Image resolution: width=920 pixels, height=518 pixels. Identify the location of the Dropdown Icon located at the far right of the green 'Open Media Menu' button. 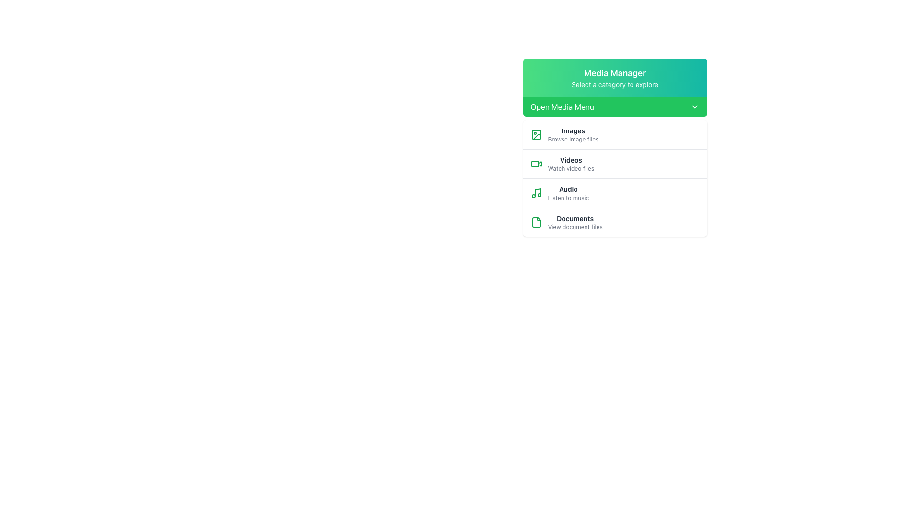
(694, 107).